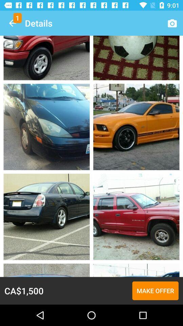 The width and height of the screenshot is (183, 326). What do you see at coordinates (155, 290) in the screenshot?
I see `the icon next to ca$1,500 icon` at bounding box center [155, 290].